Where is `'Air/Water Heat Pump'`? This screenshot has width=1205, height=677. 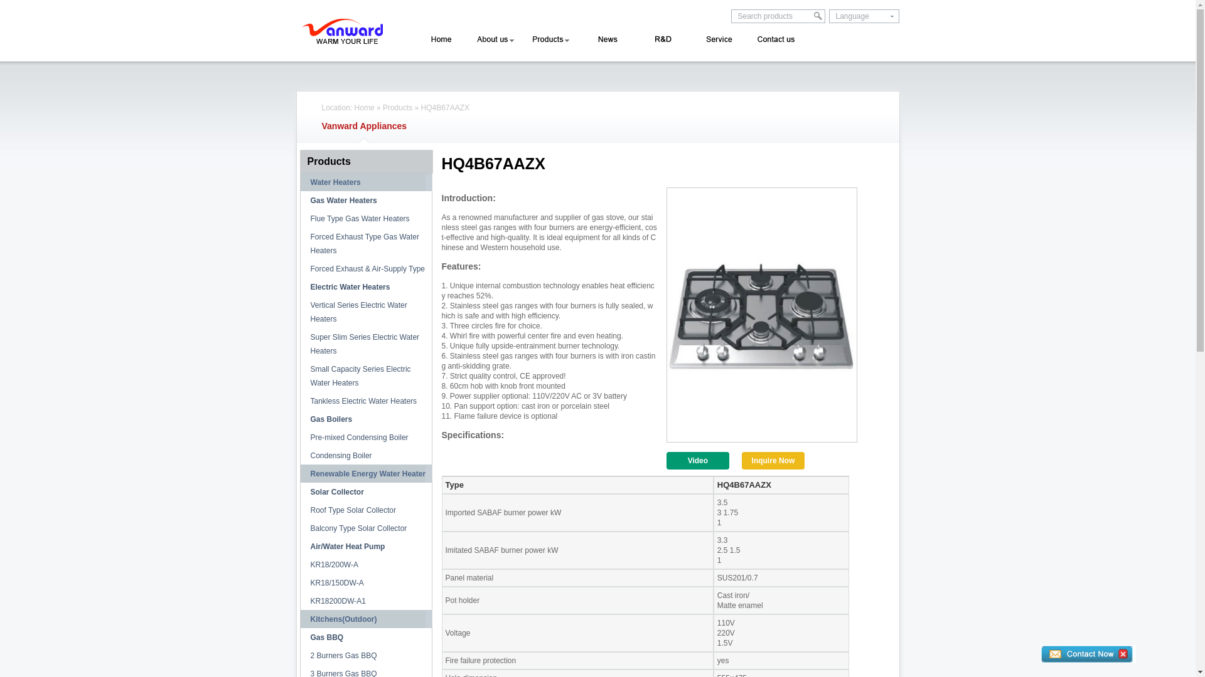
'Air/Water Heat Pump' is located at coordinates (299, 545).